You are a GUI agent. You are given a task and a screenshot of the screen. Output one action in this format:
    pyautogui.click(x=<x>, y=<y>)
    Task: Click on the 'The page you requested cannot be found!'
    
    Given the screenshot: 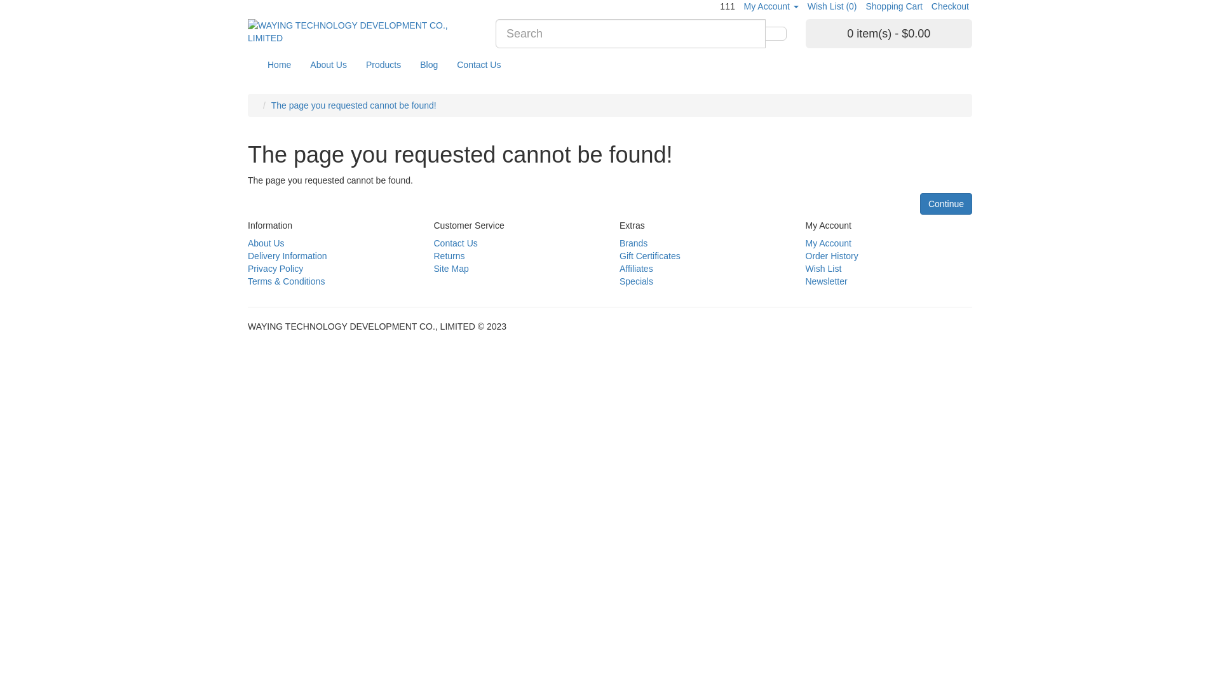 What is the action you would take?
    pyautogui.click(x=353, y=104)
    